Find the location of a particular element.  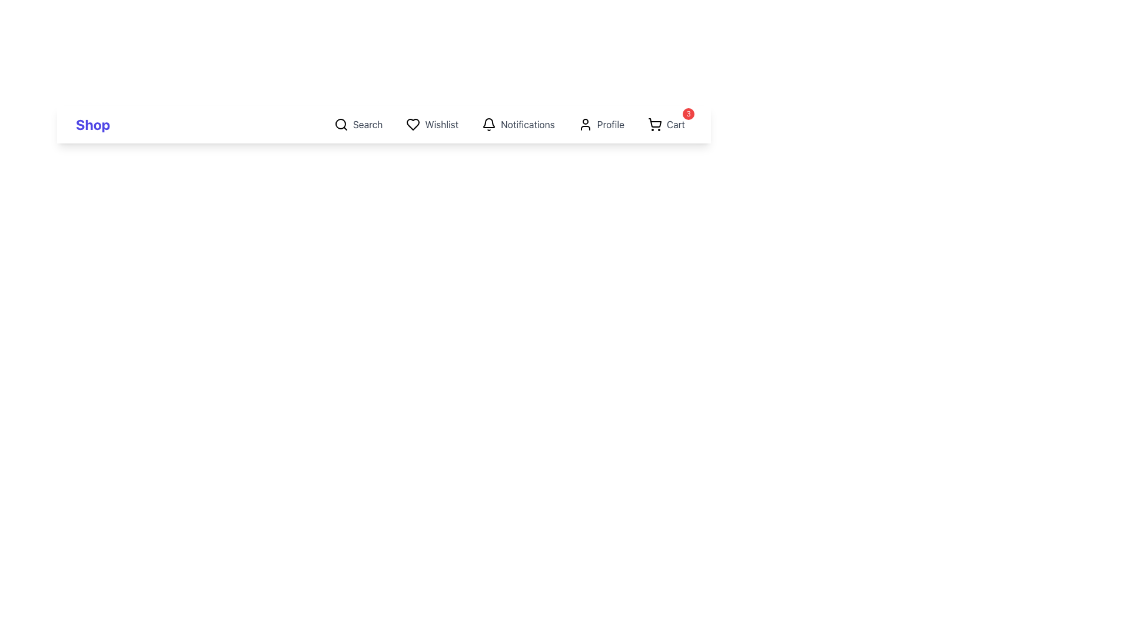

the user profile icon, which is a minimalistic outline of a human figure located on the far-right side of the navigation bar is located at coordinates (585, 125).